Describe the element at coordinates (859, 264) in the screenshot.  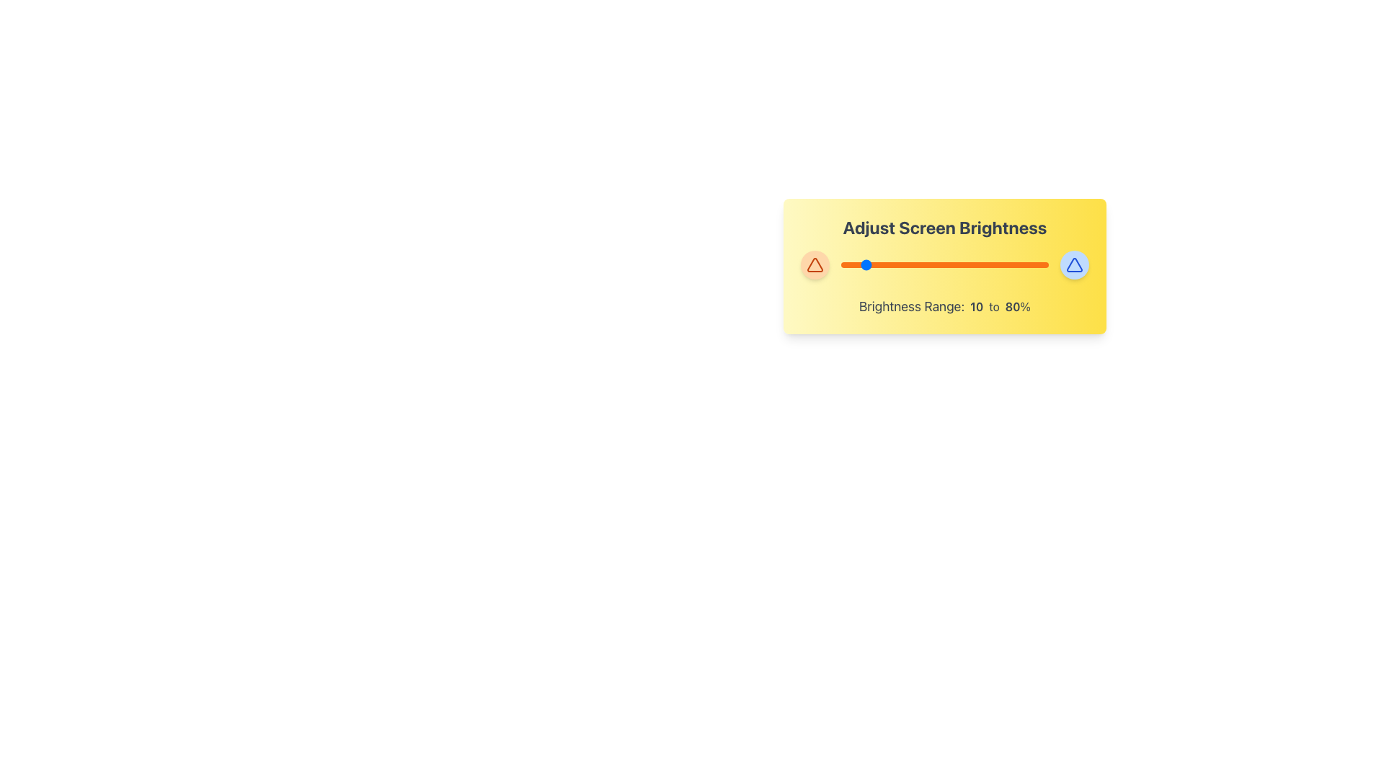
I see `the brightness level` at that location.